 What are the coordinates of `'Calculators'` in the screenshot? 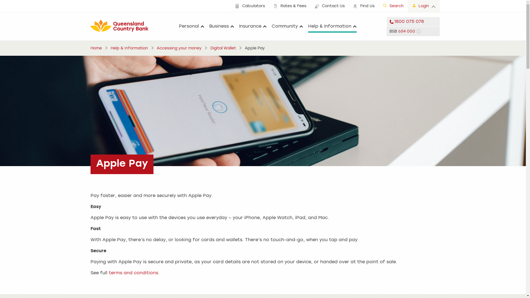 It's located at (250, 6).